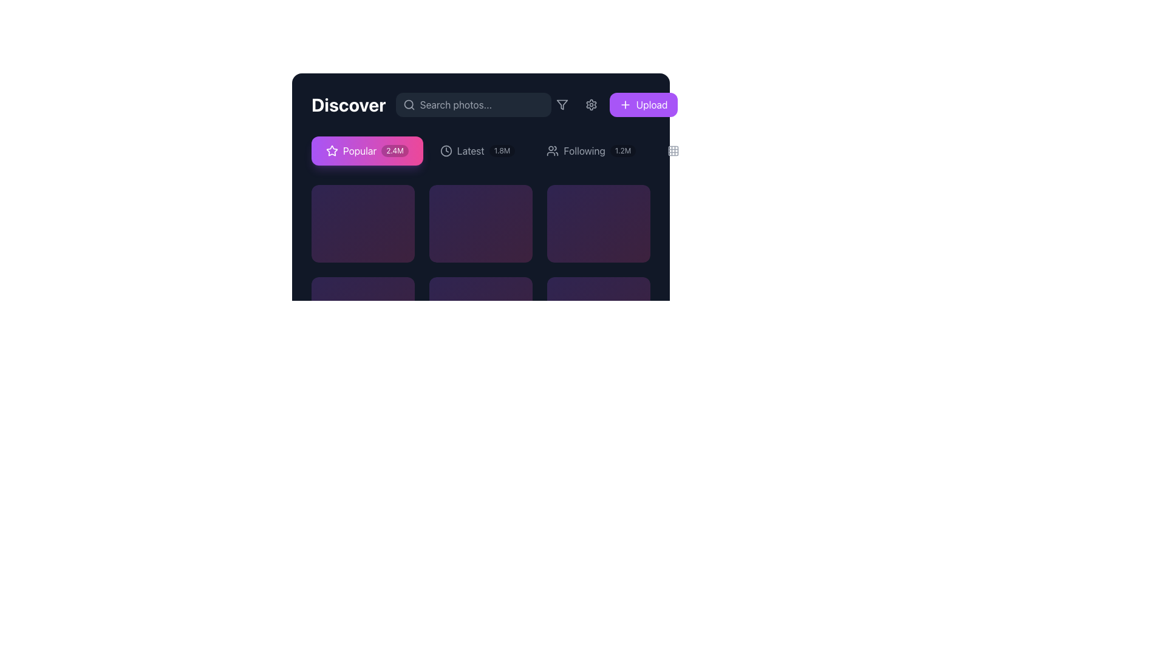  I want to click on within the search bar of the NavBar to type queries, so click(480, 104).